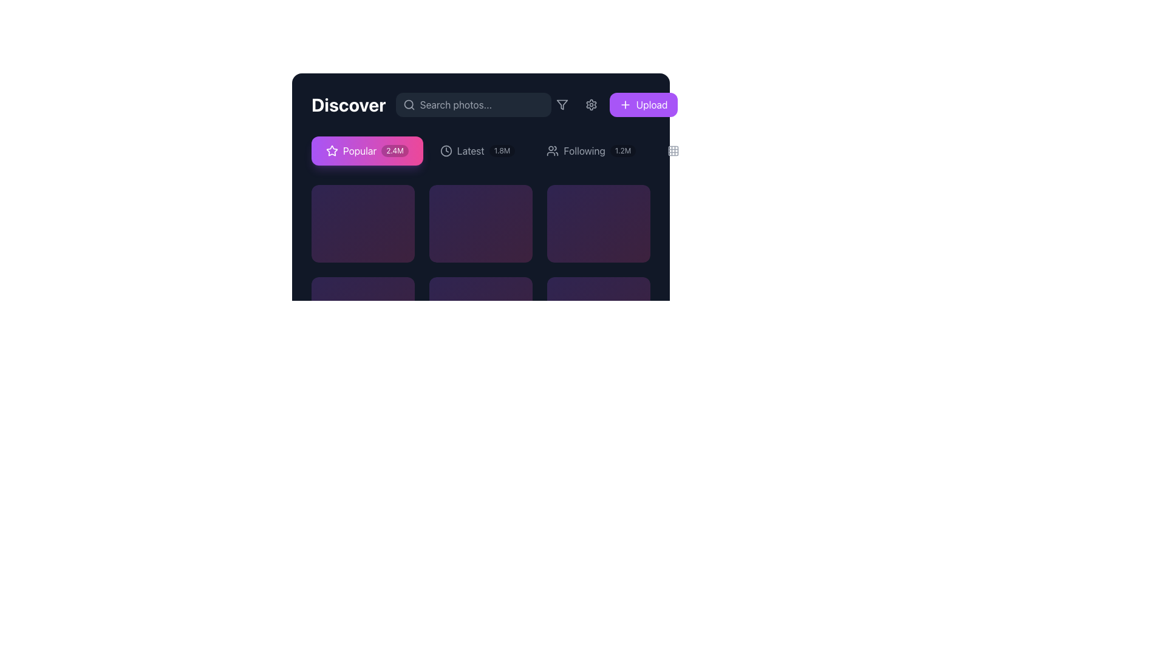  I want to click on within the search bar of the NavBar to type queries, so click(480, 104).